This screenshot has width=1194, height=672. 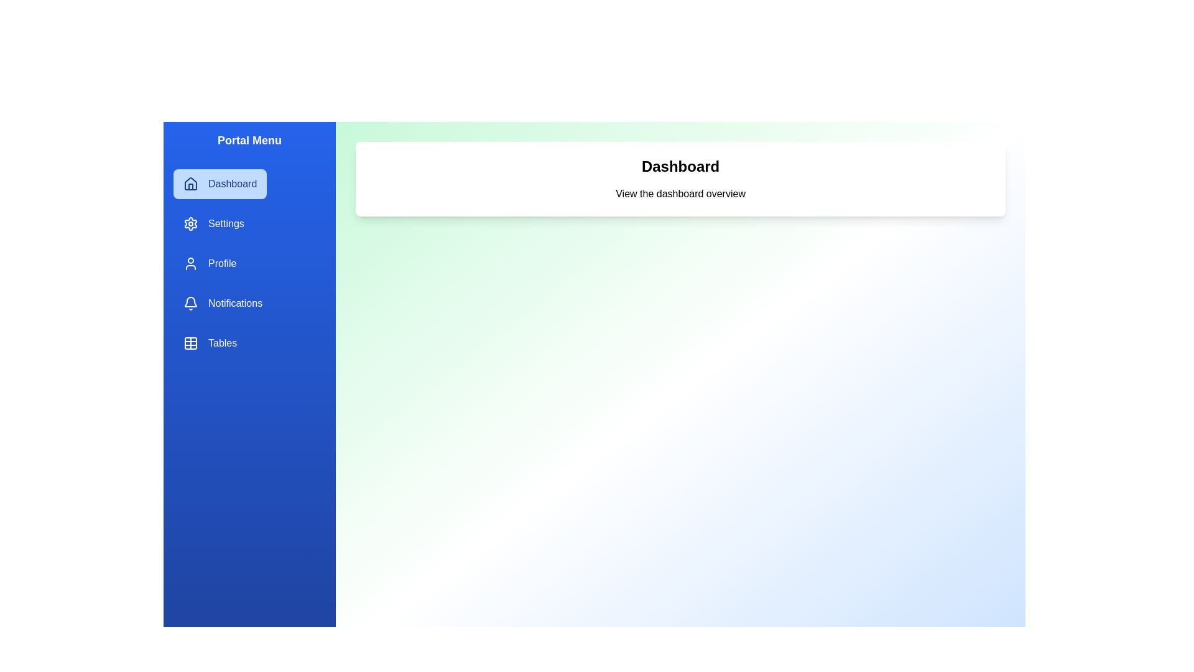 I want to click on the menu option Notifications to navigate to the corresponding section, so click(x=223, y=304).